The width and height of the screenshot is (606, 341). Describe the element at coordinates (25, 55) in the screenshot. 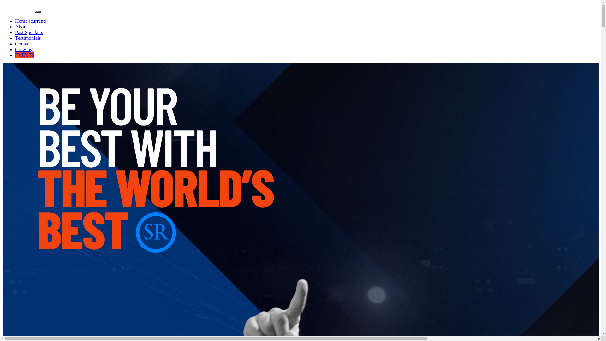

I see `'EVENTS'` at that location.